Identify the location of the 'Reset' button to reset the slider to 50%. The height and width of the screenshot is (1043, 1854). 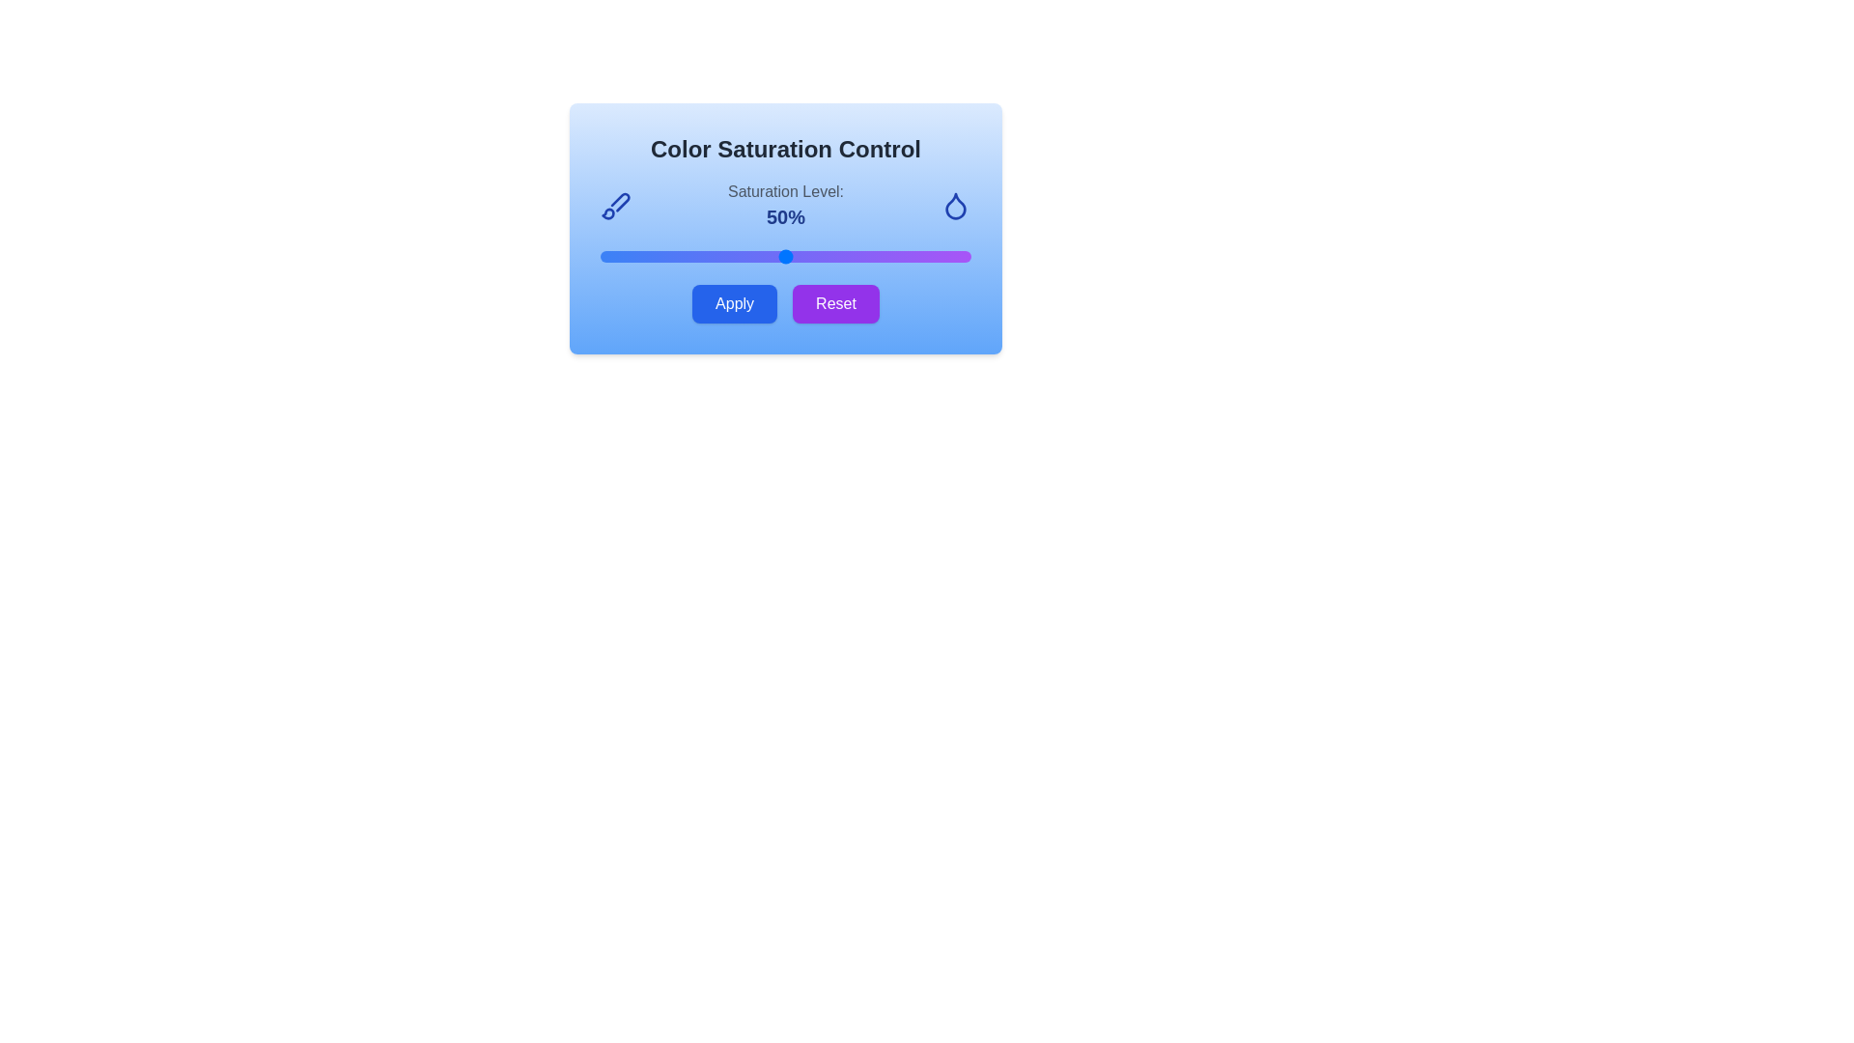
(835, 304).